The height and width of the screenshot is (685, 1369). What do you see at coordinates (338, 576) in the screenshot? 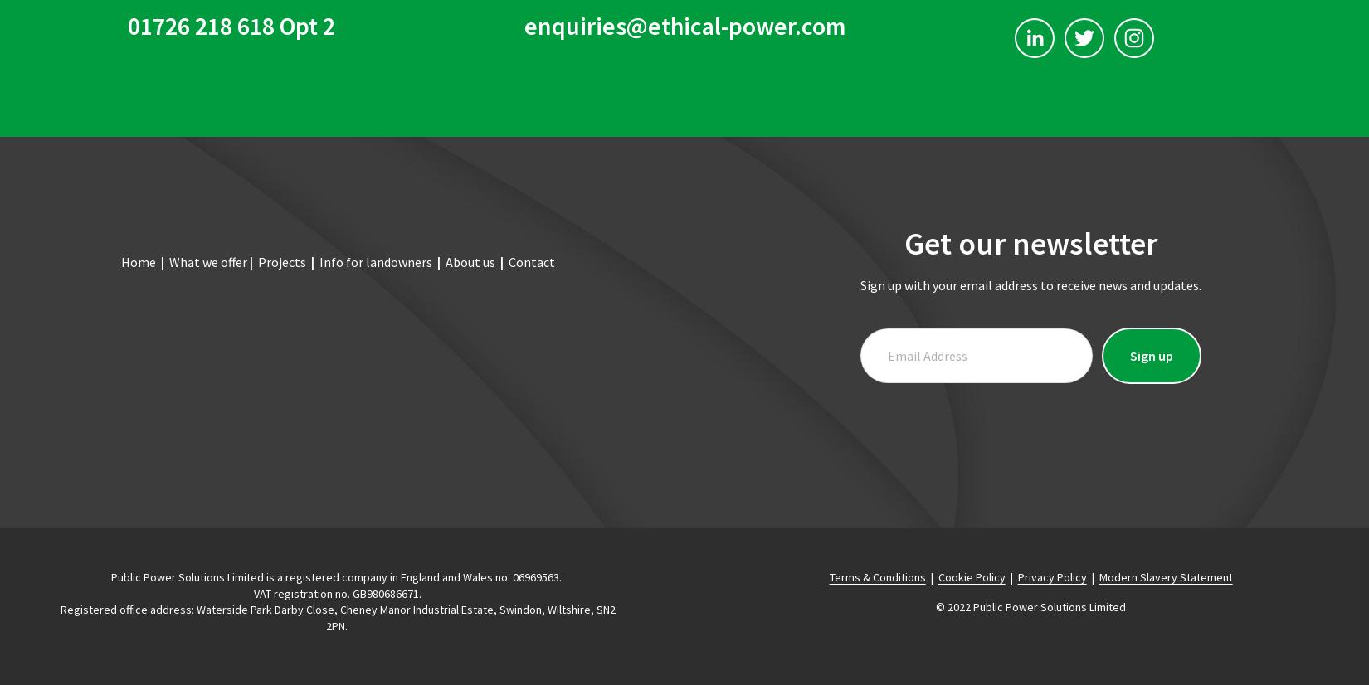
I see `'Public Power Solutions Limited is a registered company in England and Wales no. 06969563.'` at bounding box center [338, 576].